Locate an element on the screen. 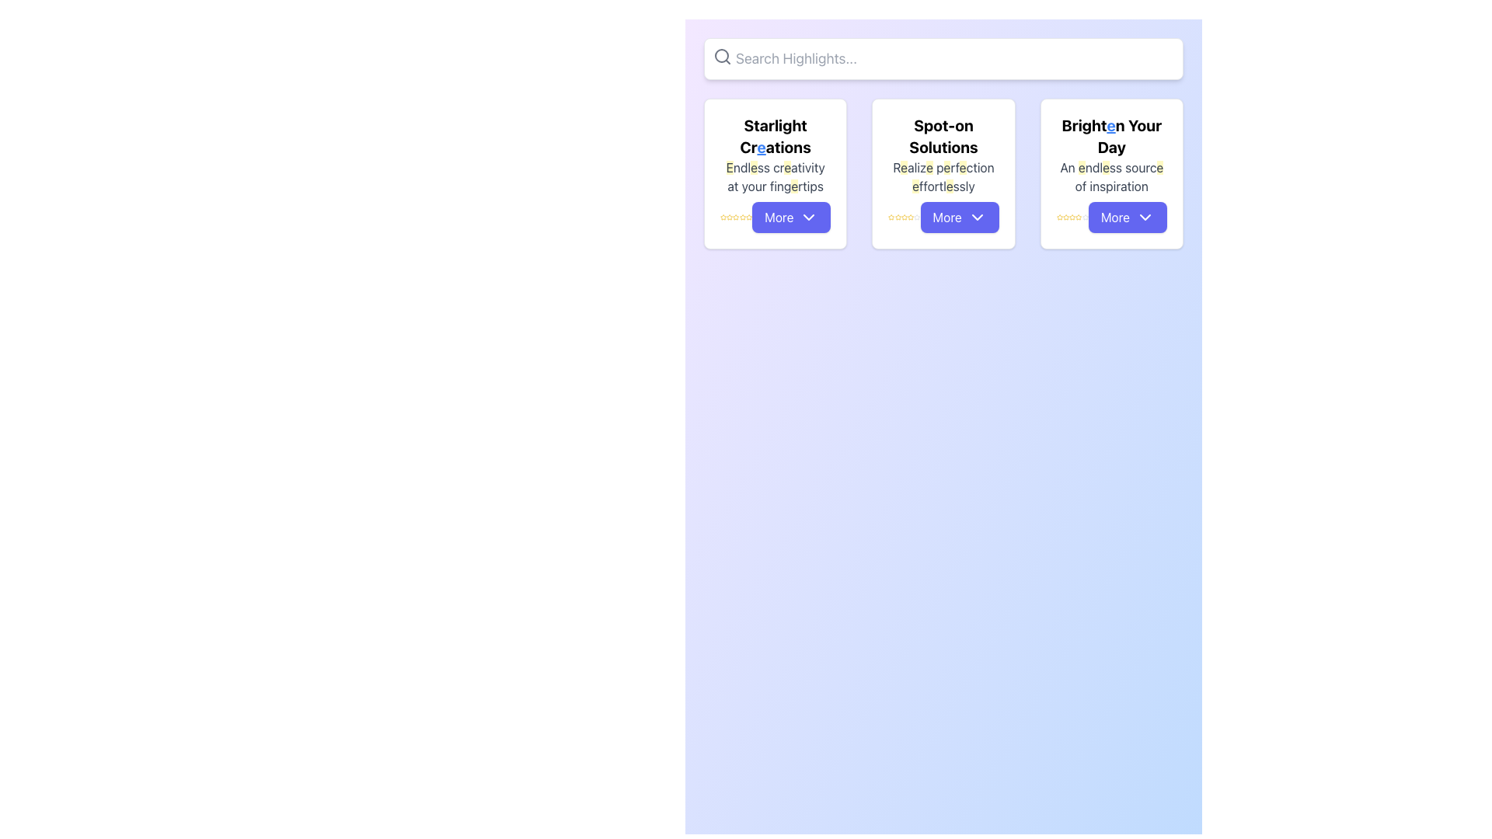 This screenshot has height=839, width=1492. the text character 'e' with a yellow background, which is part of the text block 'Realize perfection effortlessly' in the second card titled 'Spot-on Solutions' is located at coordinates (915, 185).